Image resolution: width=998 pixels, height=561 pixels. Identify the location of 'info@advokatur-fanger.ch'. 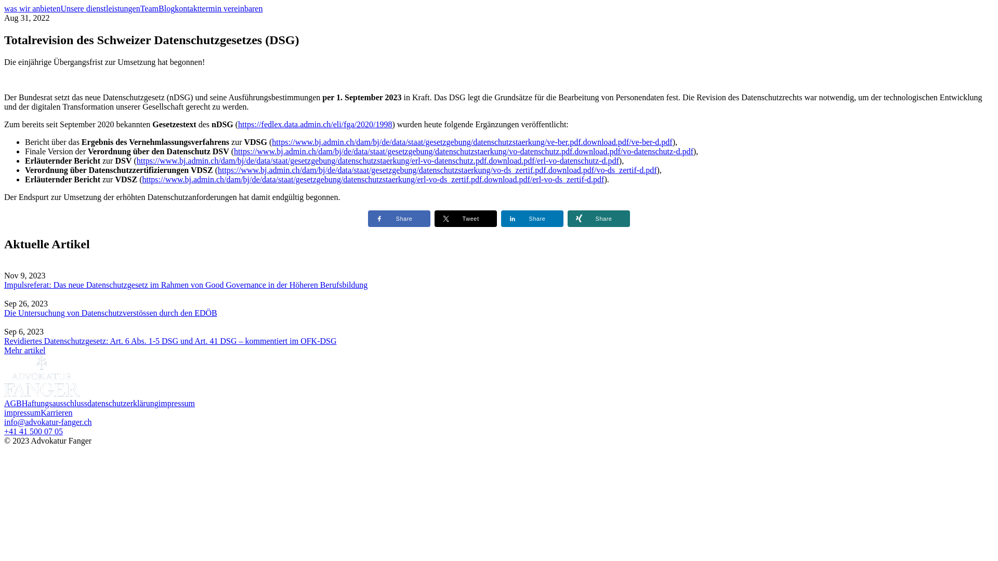
(4, 422).